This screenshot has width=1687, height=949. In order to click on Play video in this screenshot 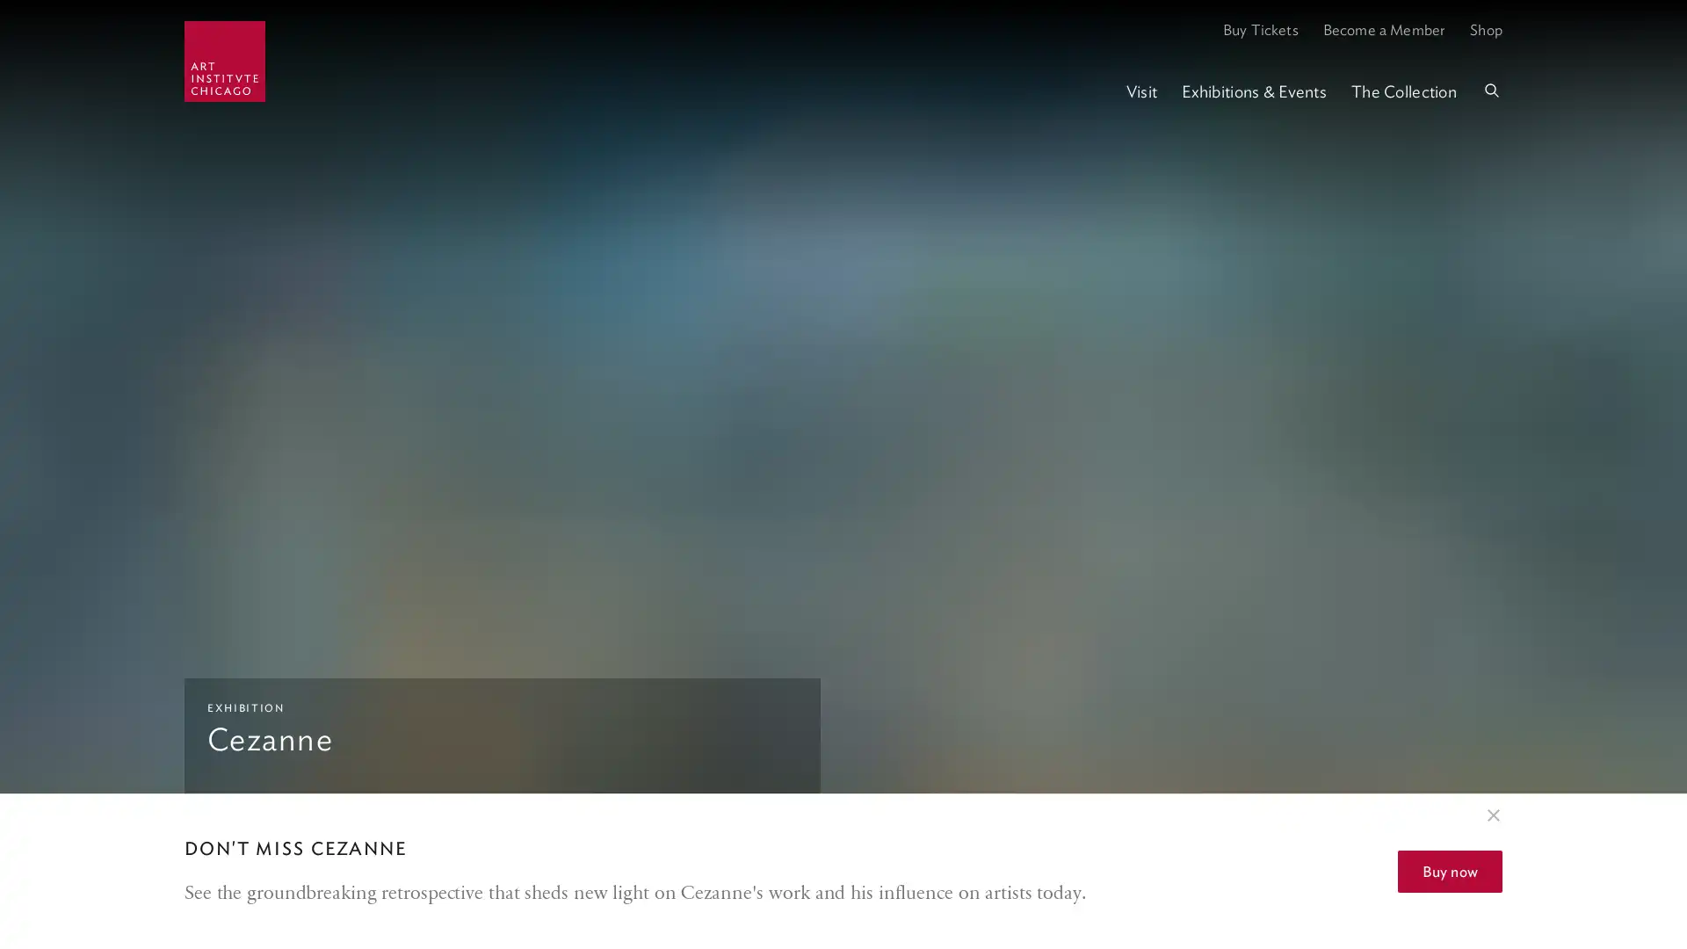, I will do `click(1654, 870)`.